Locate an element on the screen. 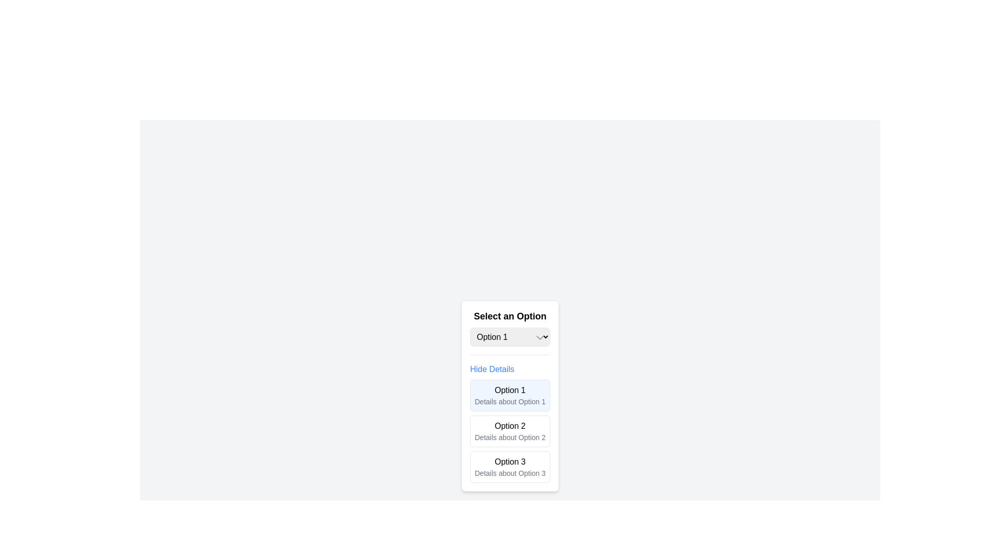  the Card that displays information about the second option in a vertically stacked list, positioned between 'Option 1' and 'Option 3' is located at coordinates (510, 431).